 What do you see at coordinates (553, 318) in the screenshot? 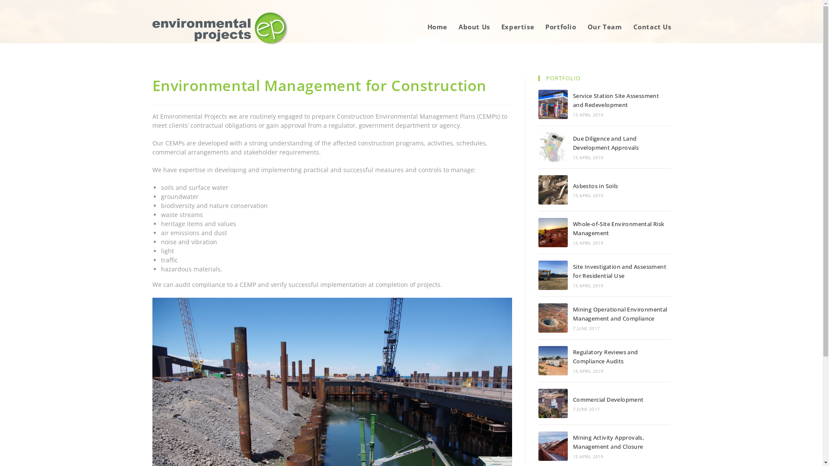
I see `'Mining Operational Environmental Management and Compliance'` at bounding box center [553, 318].